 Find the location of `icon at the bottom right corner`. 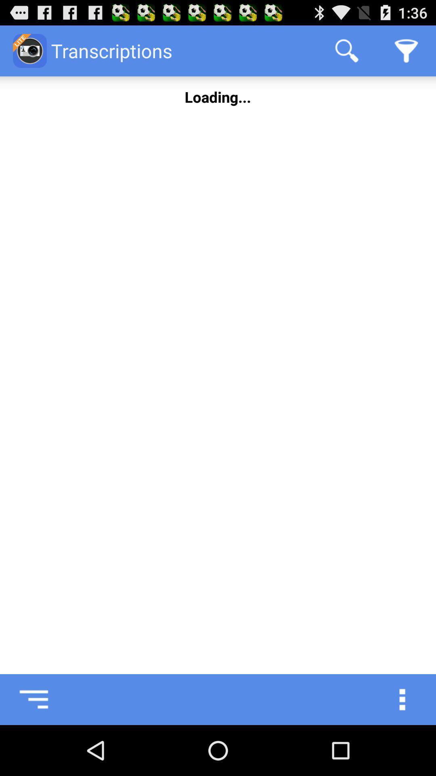

icon at the bottom right corner is located at coordinates (411, 699).